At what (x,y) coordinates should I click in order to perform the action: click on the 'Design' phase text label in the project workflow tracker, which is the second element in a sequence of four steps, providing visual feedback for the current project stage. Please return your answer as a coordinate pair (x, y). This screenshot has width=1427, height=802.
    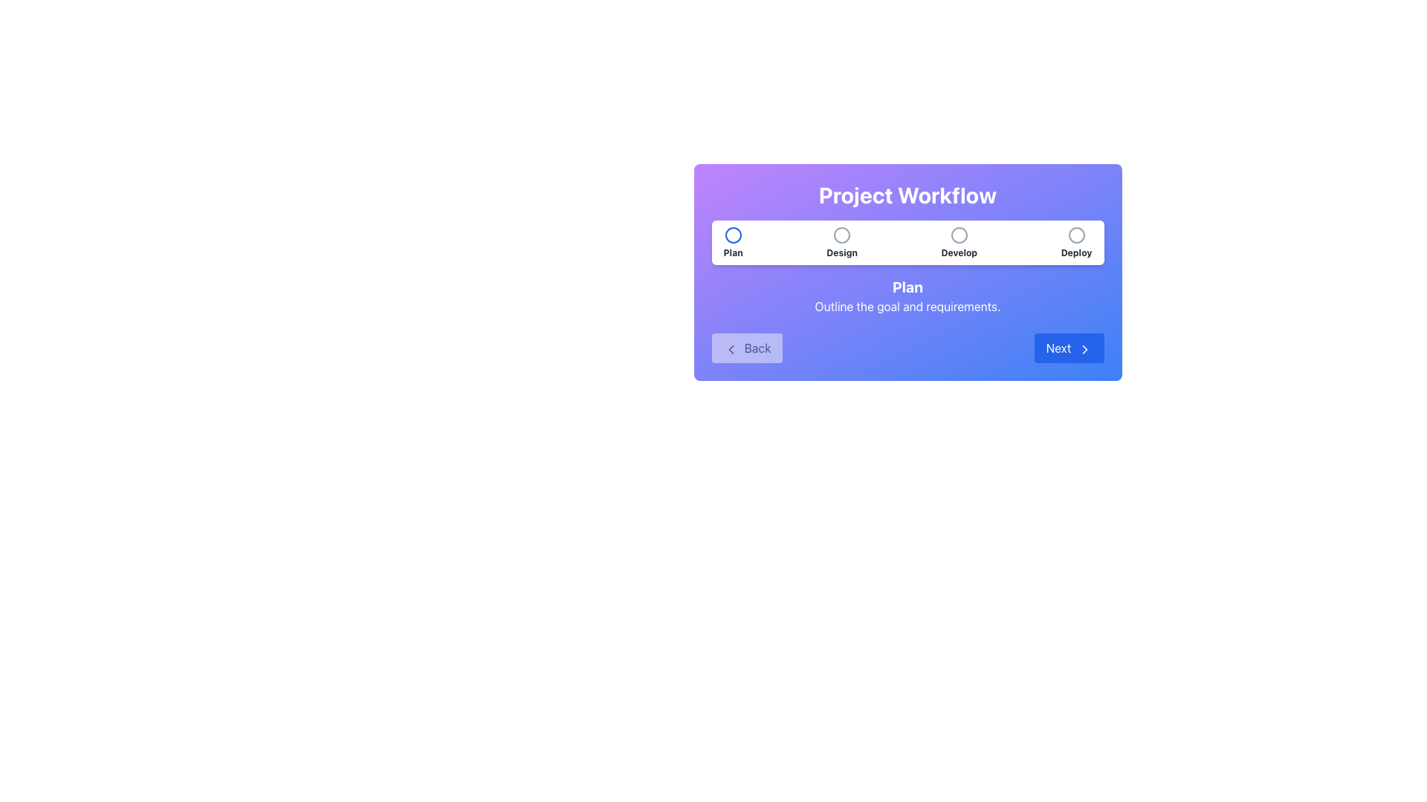
    Looking at the image, I should click on (842, 252).